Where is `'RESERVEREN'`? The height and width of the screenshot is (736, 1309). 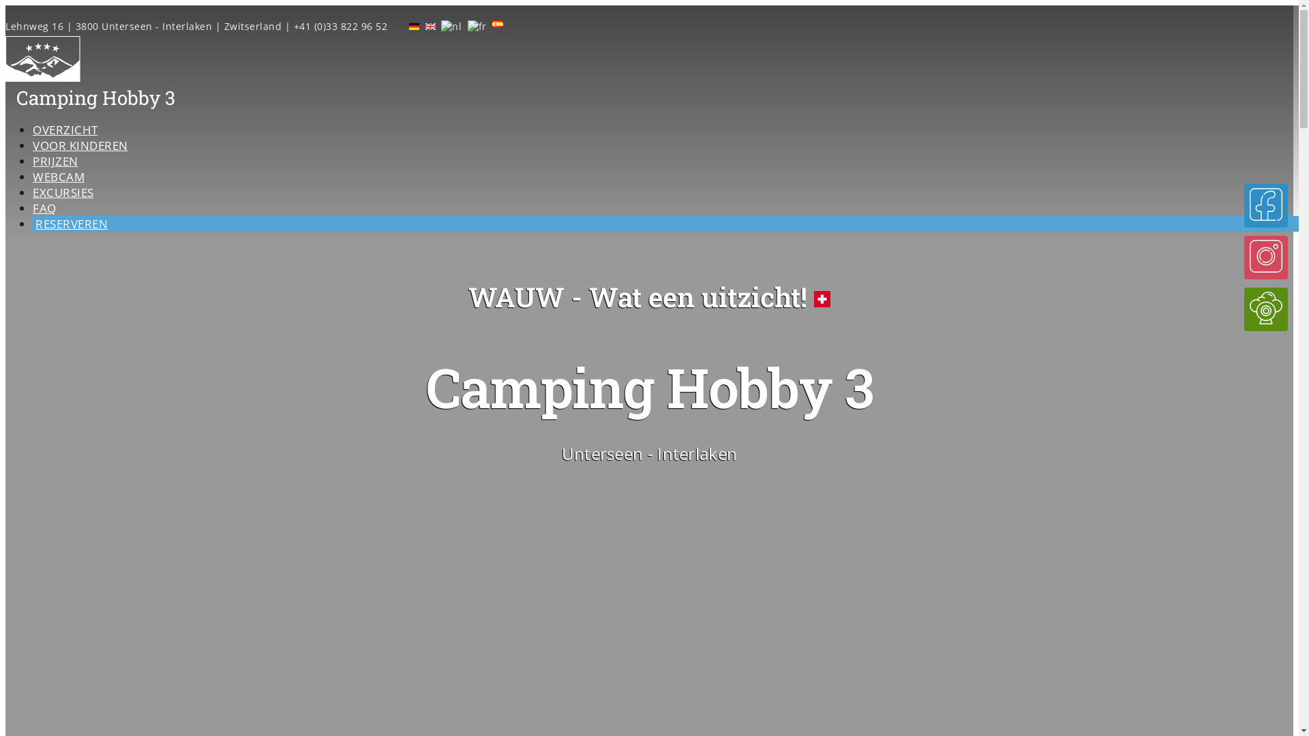
'RESERVEREN' is located at coordinates (35, 223).